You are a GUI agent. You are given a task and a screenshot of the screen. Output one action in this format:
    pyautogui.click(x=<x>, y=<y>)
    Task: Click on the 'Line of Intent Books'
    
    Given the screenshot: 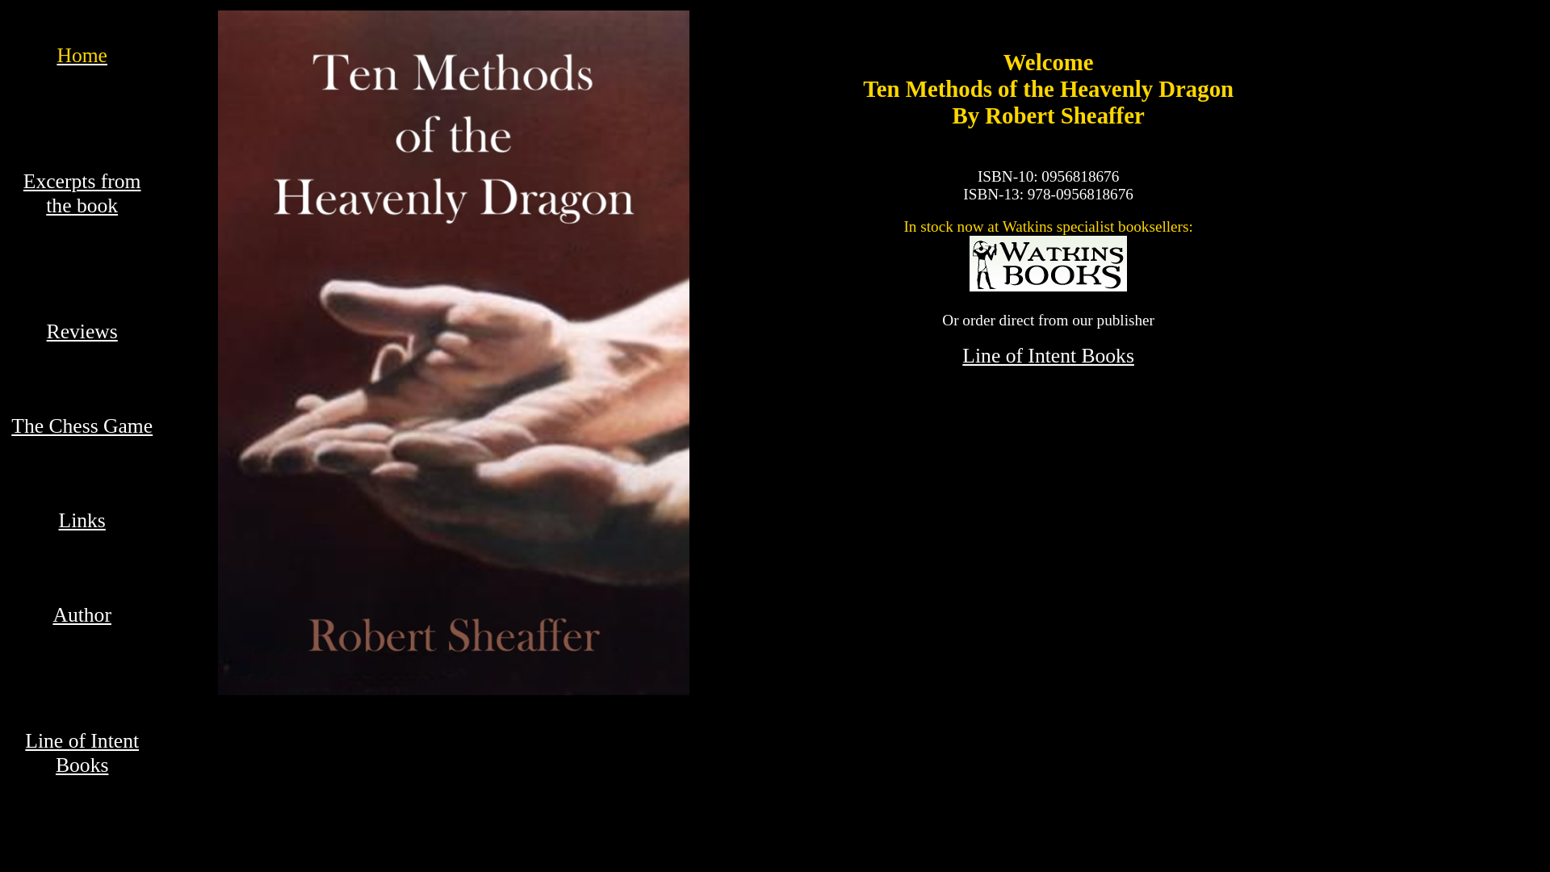 What is the action you would take?
    pyautogui.click(x=961, y=354)
    